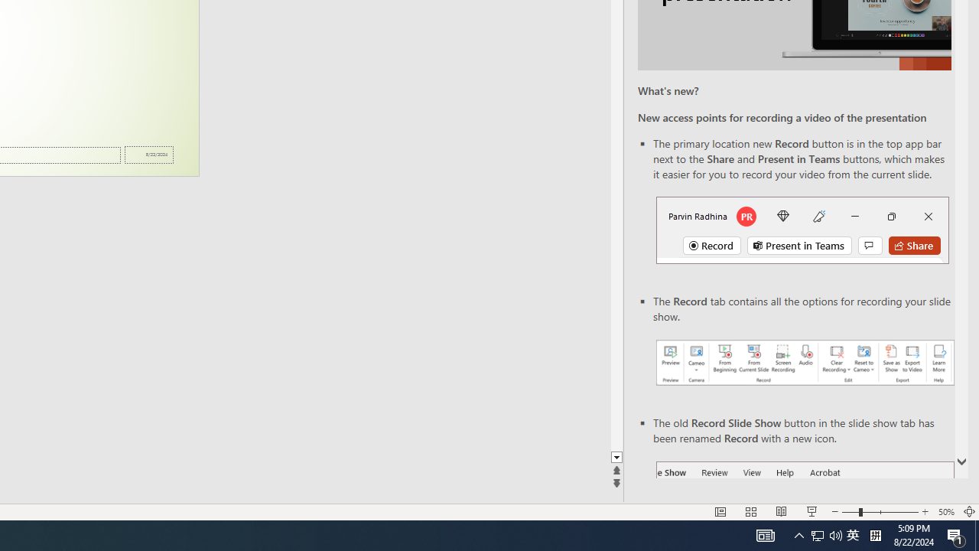 This screenshot has width=979, height=551. What do you see at coordinates (880, 512) in the screenshot?
I see `'Zoom'` at bounding box center [880, 512].